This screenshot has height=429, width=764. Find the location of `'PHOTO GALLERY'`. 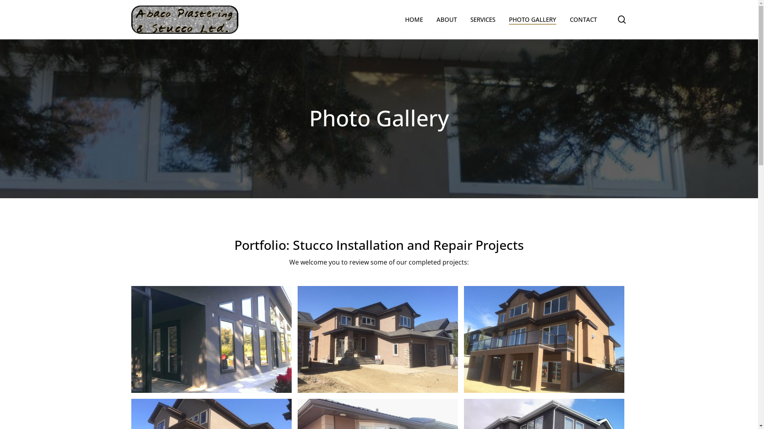

'PHOTO GALLERY' is located at coordinates (532, 19).